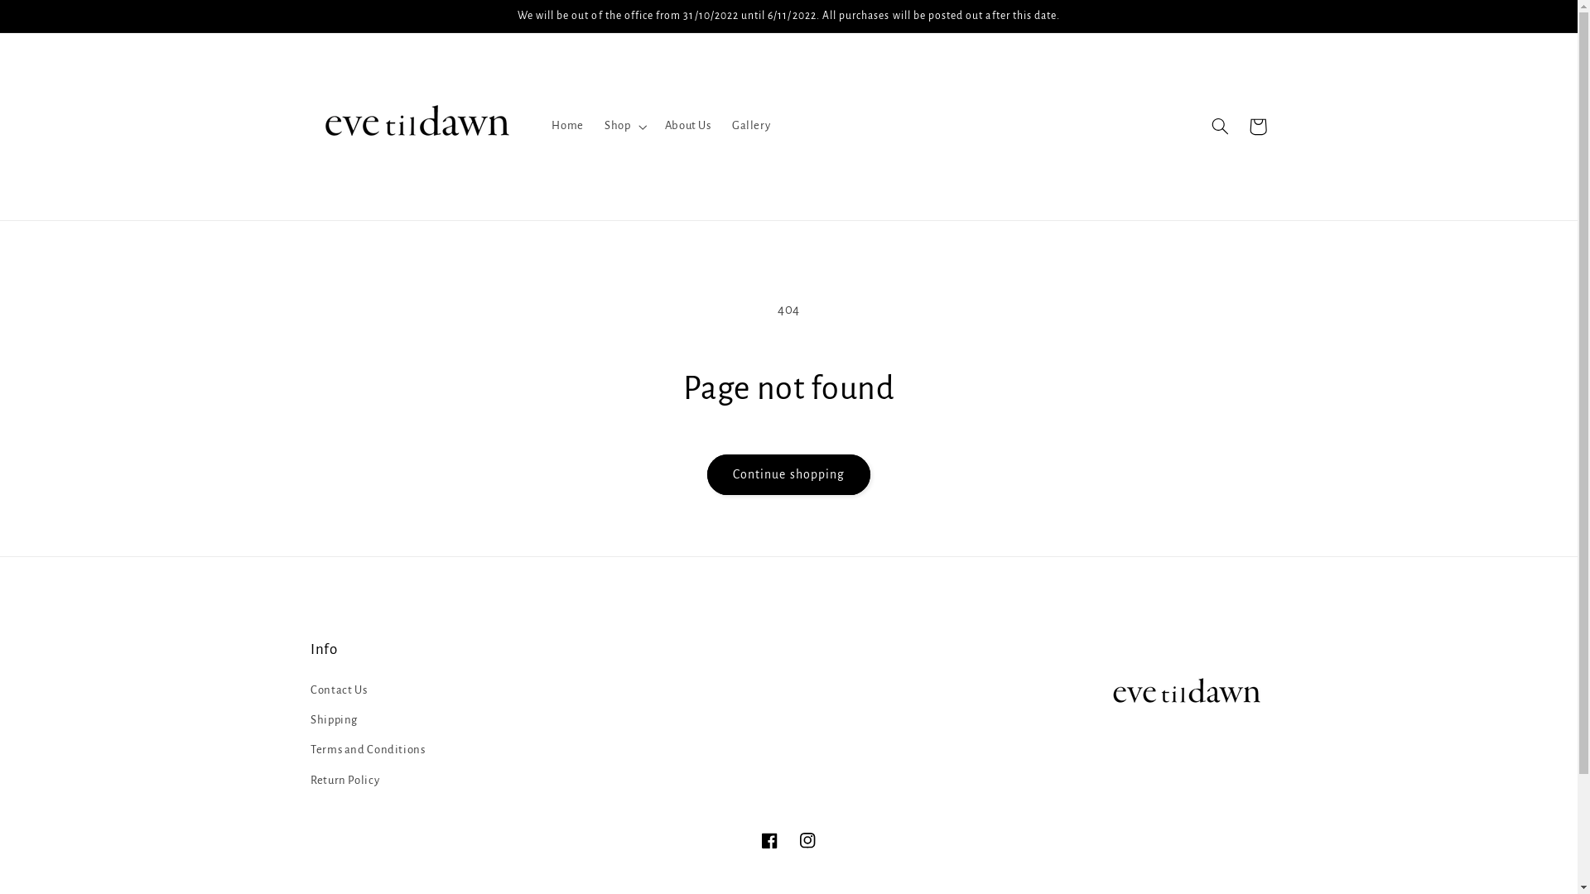 Image resolution: width=1590 pixels, height=894 pixels. What do you see at coordinates (367, 750) in the screenshot?
I see `'Terms and Conditions'` at bounding box center [367, 750].